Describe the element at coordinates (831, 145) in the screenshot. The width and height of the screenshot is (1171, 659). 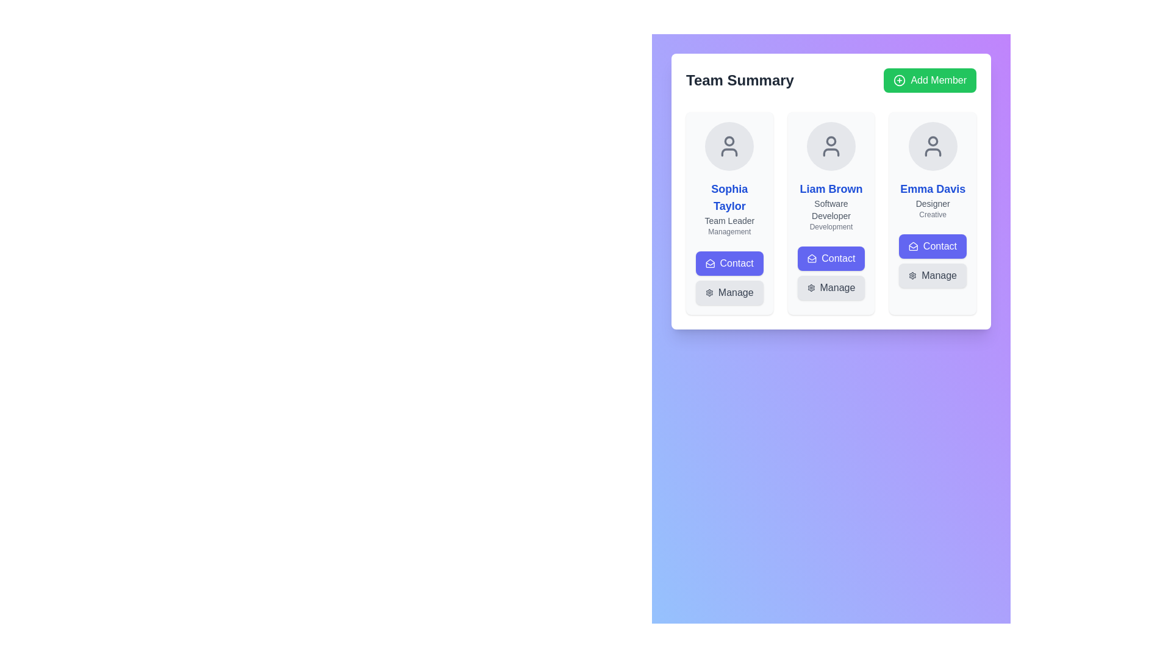
I see `the user icon representing 'Liam Brown' within the team summary interface card` at that location.